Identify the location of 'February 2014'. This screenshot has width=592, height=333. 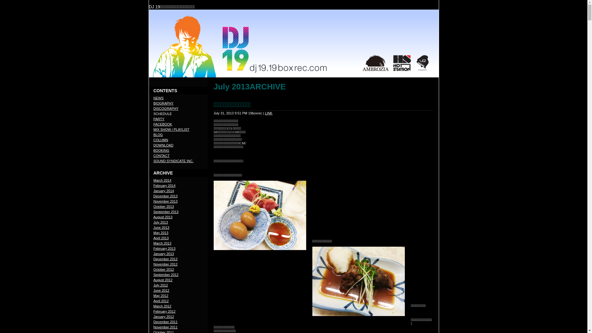
(164, 185).